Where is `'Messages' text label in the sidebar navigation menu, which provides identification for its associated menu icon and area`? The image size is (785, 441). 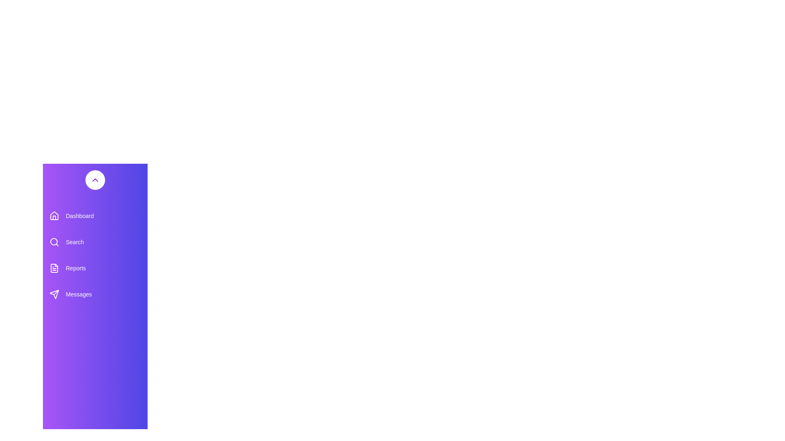
'Messages' text label in the sidebar navigation menu, which provides identification for its associated menu icon and area is located at coordinates (78, 294).